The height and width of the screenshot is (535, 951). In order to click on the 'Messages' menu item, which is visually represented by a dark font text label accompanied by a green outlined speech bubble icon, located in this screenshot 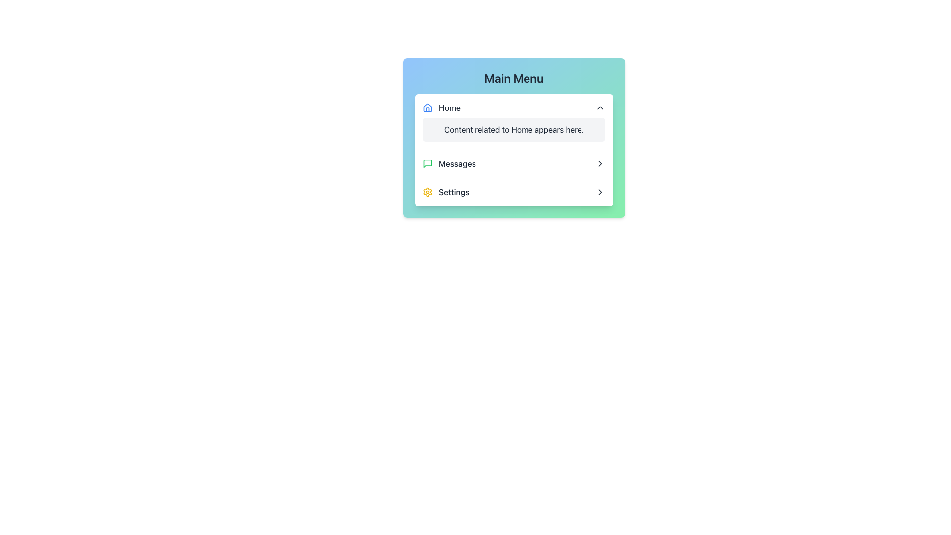, I will do `click(449, 163)`.